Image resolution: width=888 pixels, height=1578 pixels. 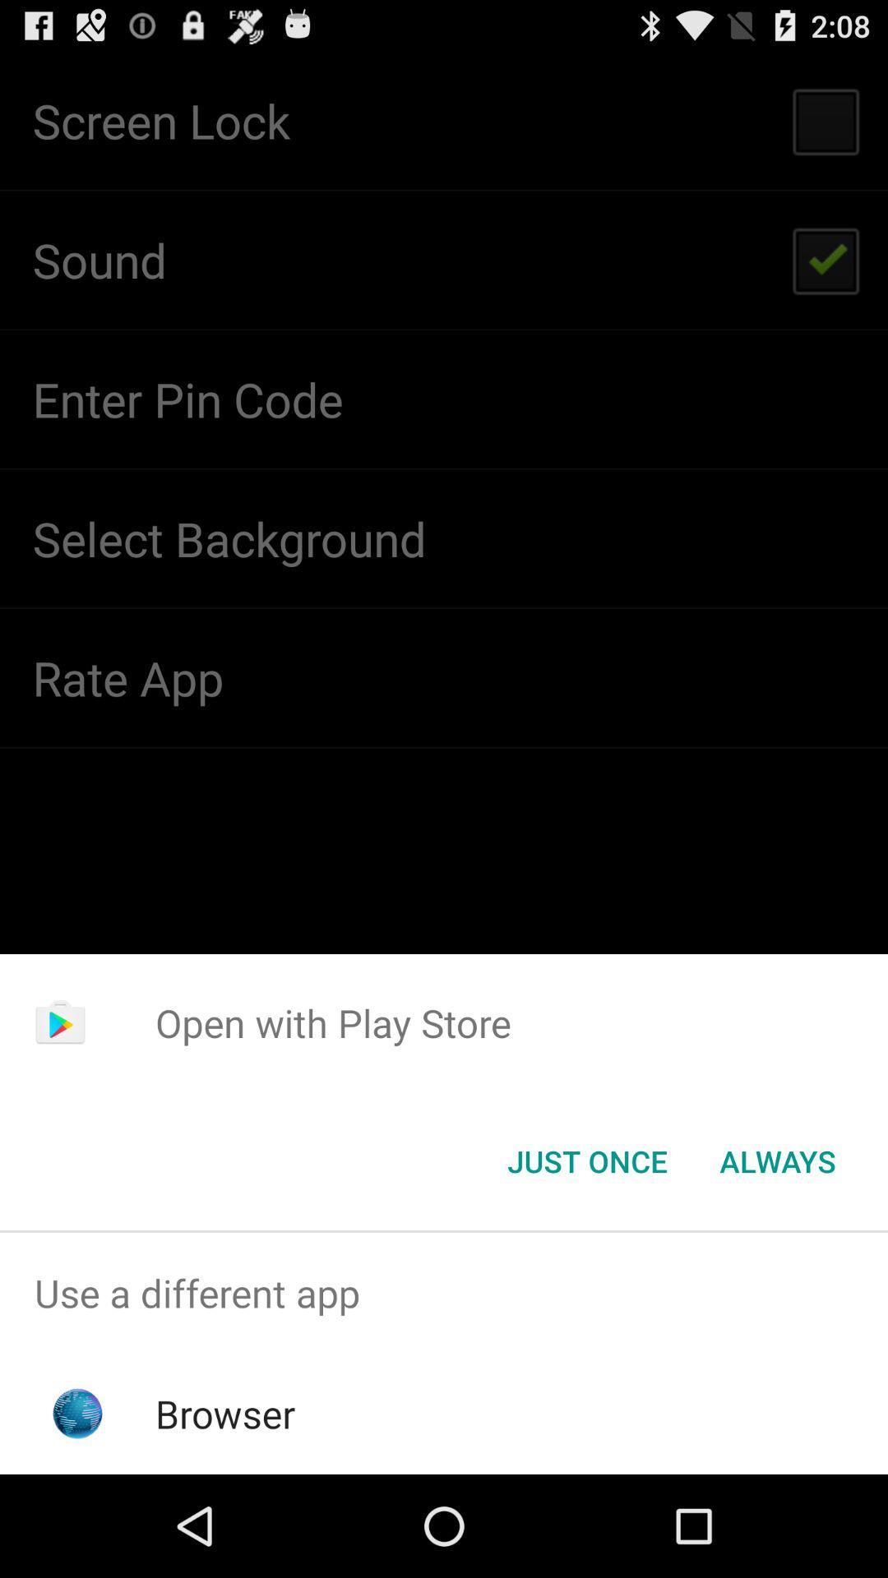 What do you see at coordinates (777, 1160) in the screenshot?
I see `the always item` at bounding box center [777, 1160].